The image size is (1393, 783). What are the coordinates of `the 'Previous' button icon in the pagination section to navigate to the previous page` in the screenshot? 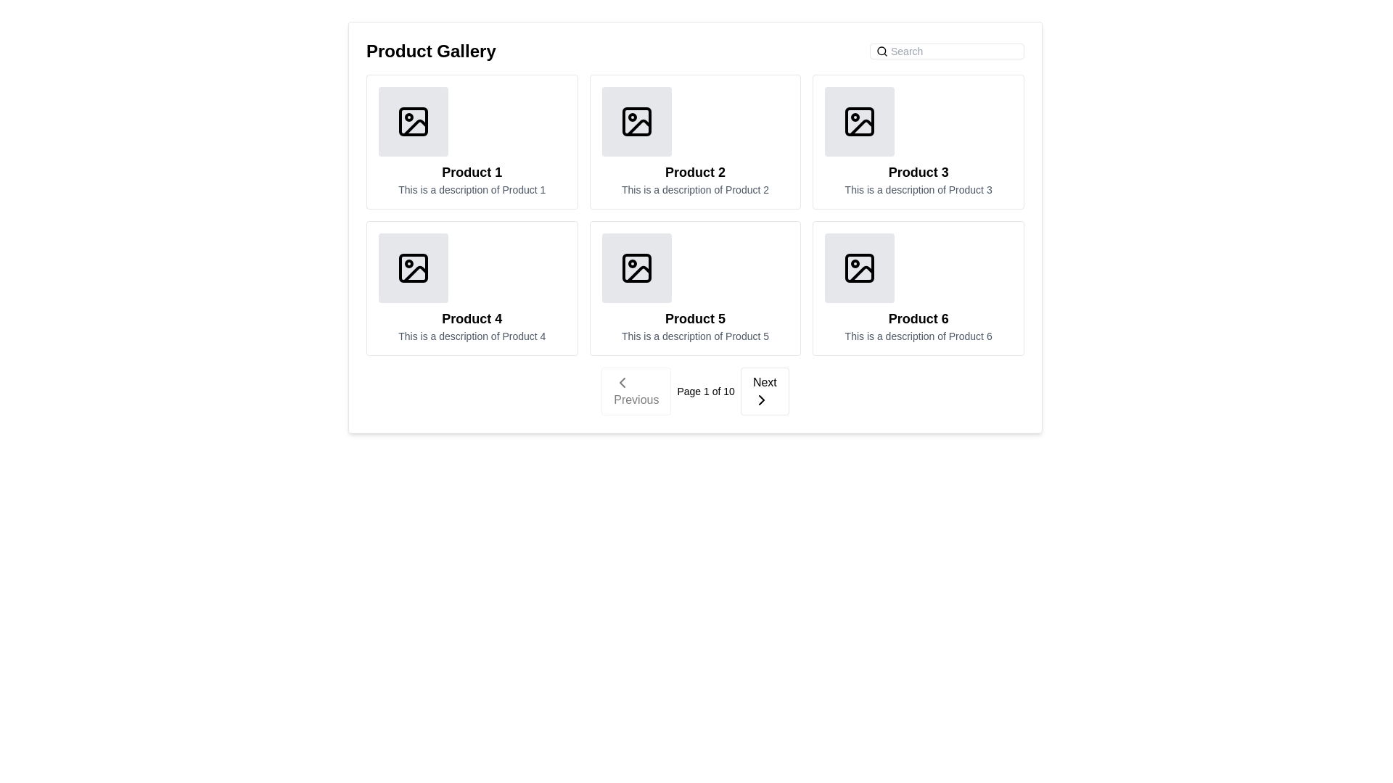 It's located at (622, 382).